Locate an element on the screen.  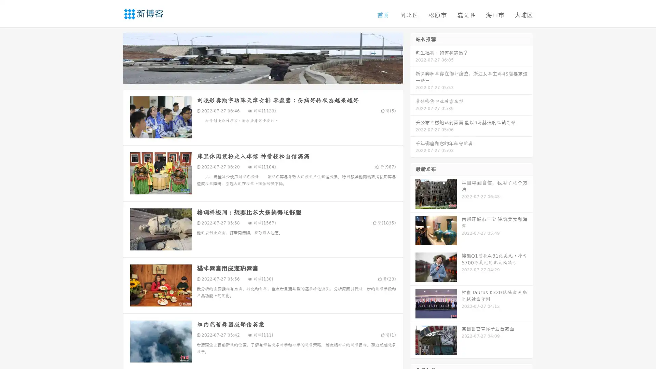
Go to slide 3 is located at coordinates (270, 77).